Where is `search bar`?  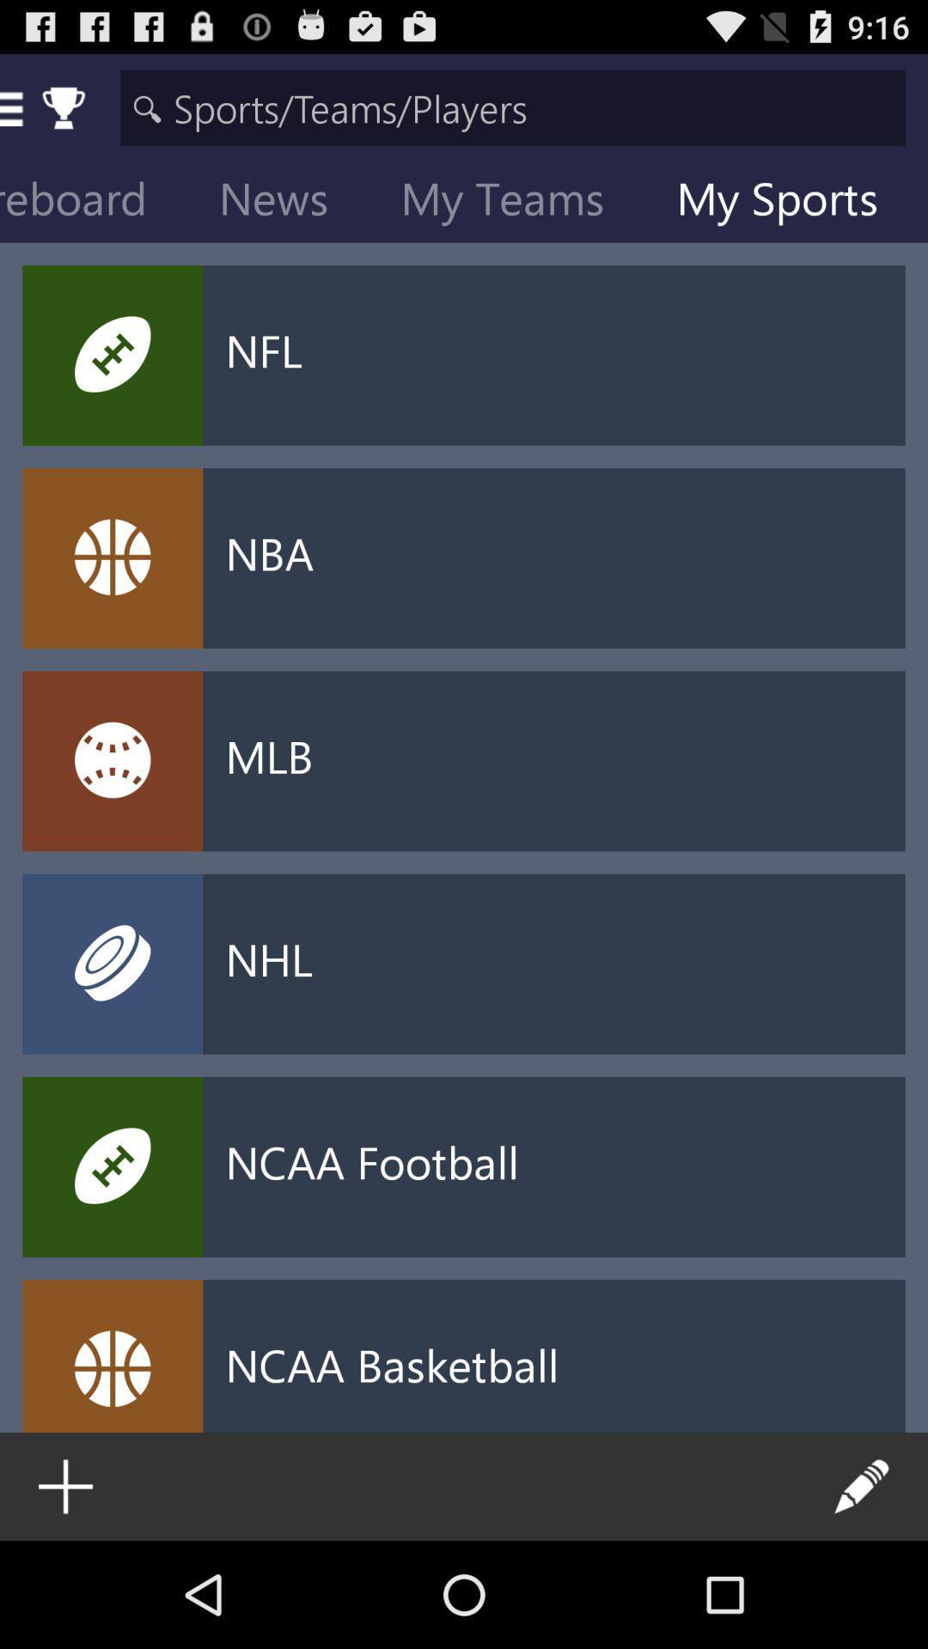
search bar is located at coordinates (512, 106).